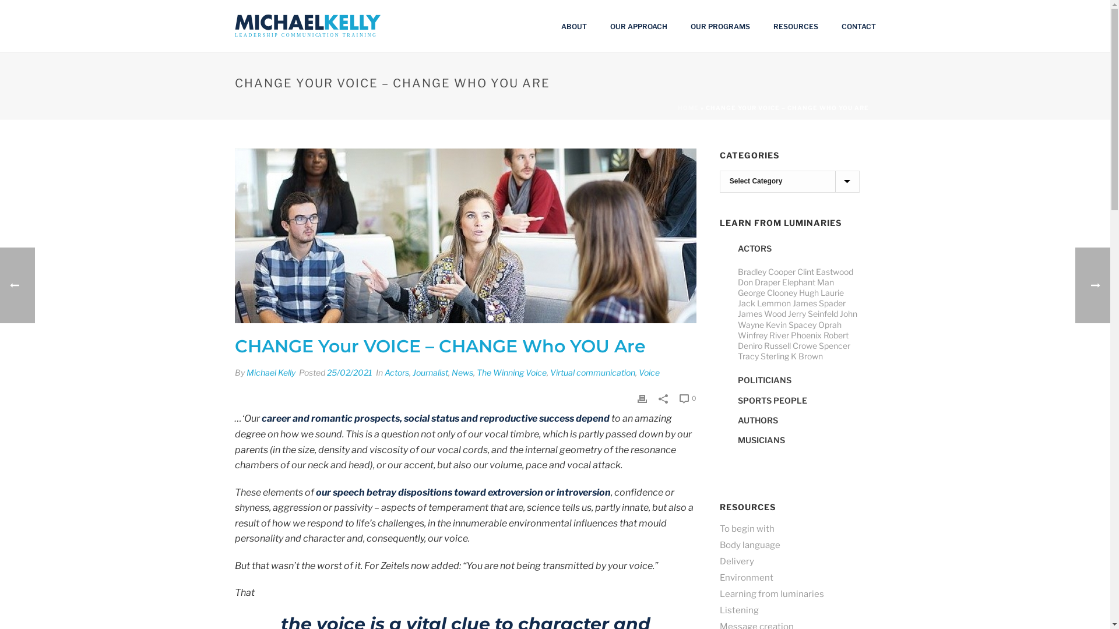  What do you see at coordinates (749, 545) in the screenshot?
I see `'Body language'` at bounding box center [749, 545].